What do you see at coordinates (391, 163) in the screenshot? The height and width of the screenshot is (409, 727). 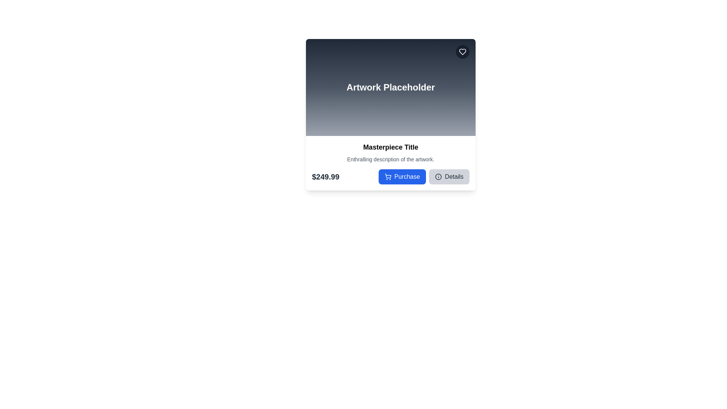 I see `the Card Content Section, which is located in the lower section of a card layout, directly below the 'Artwork Placeholder' header` at bounding box center [391, 163].